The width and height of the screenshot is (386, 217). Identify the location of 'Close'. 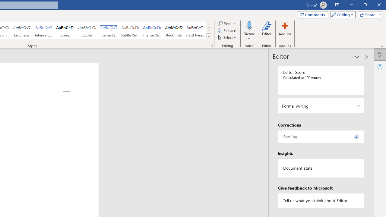
(378, 5).